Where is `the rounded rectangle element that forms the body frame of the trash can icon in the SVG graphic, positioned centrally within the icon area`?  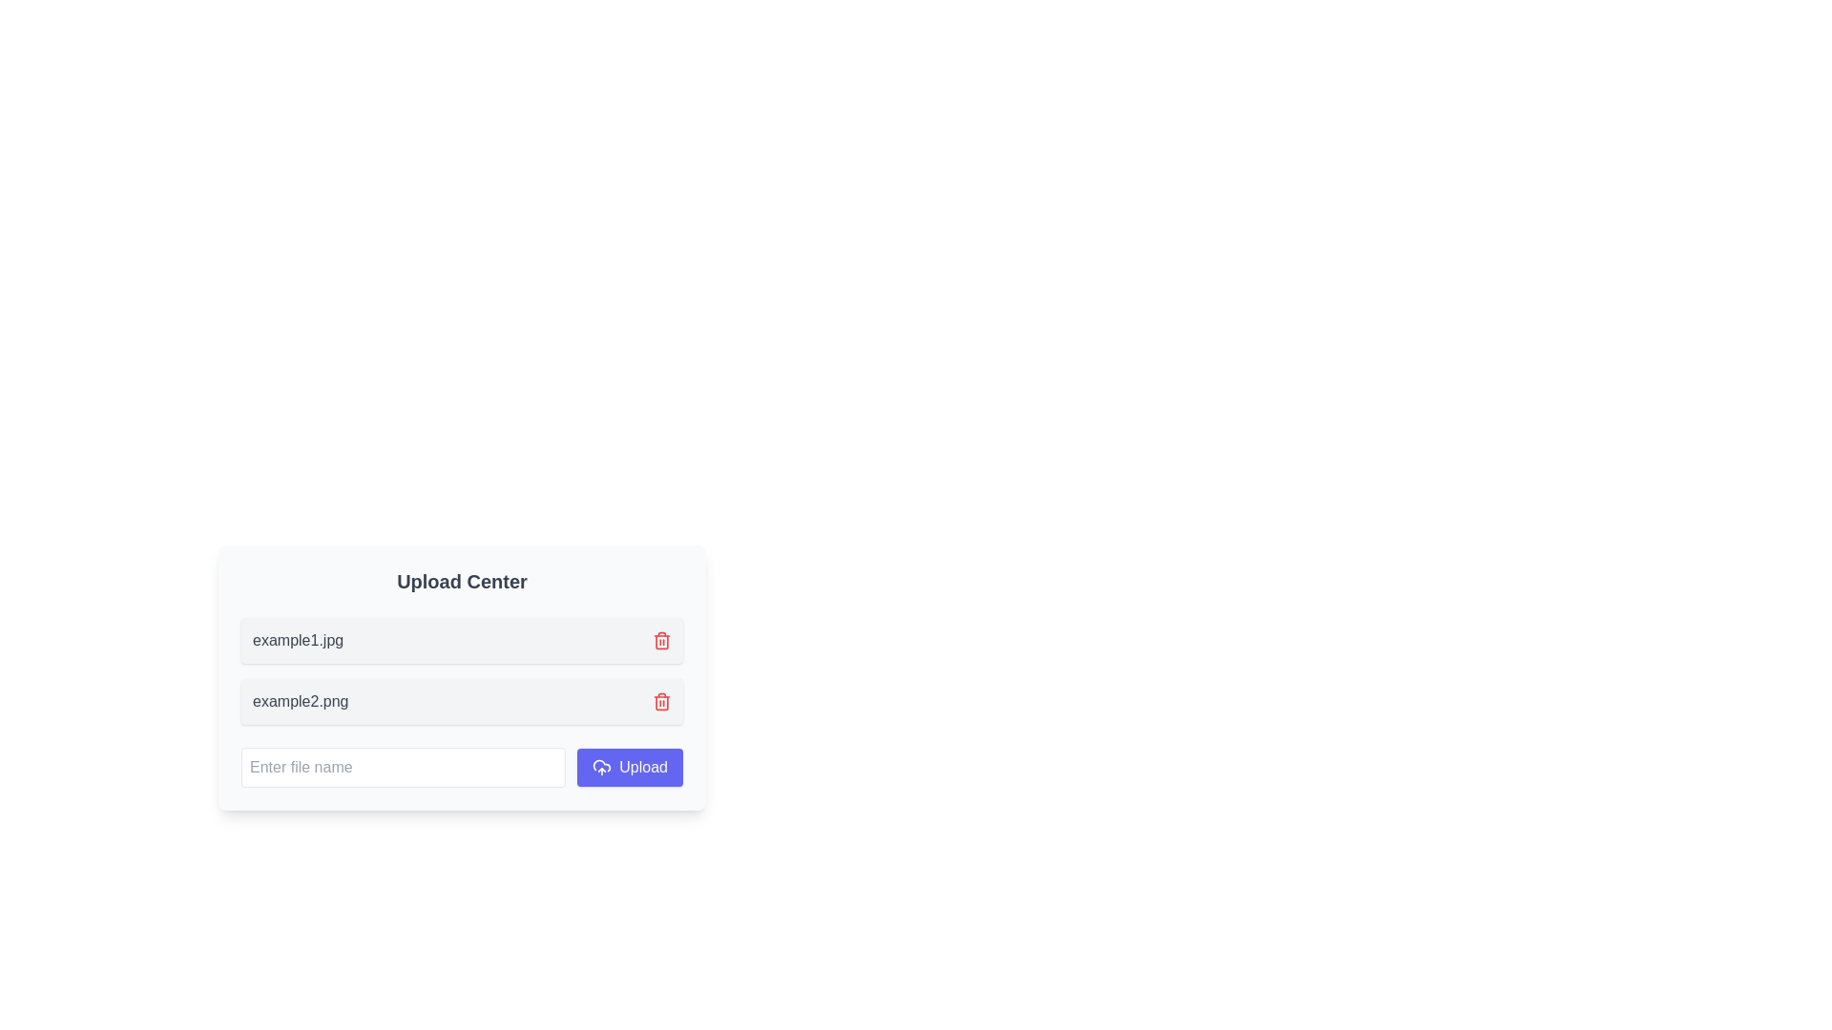
the rounded rectangle element that forms the body frame of the trash can icon in the SVG graphic, positioned centrally within the icon area is located at coordinates (662, 702).